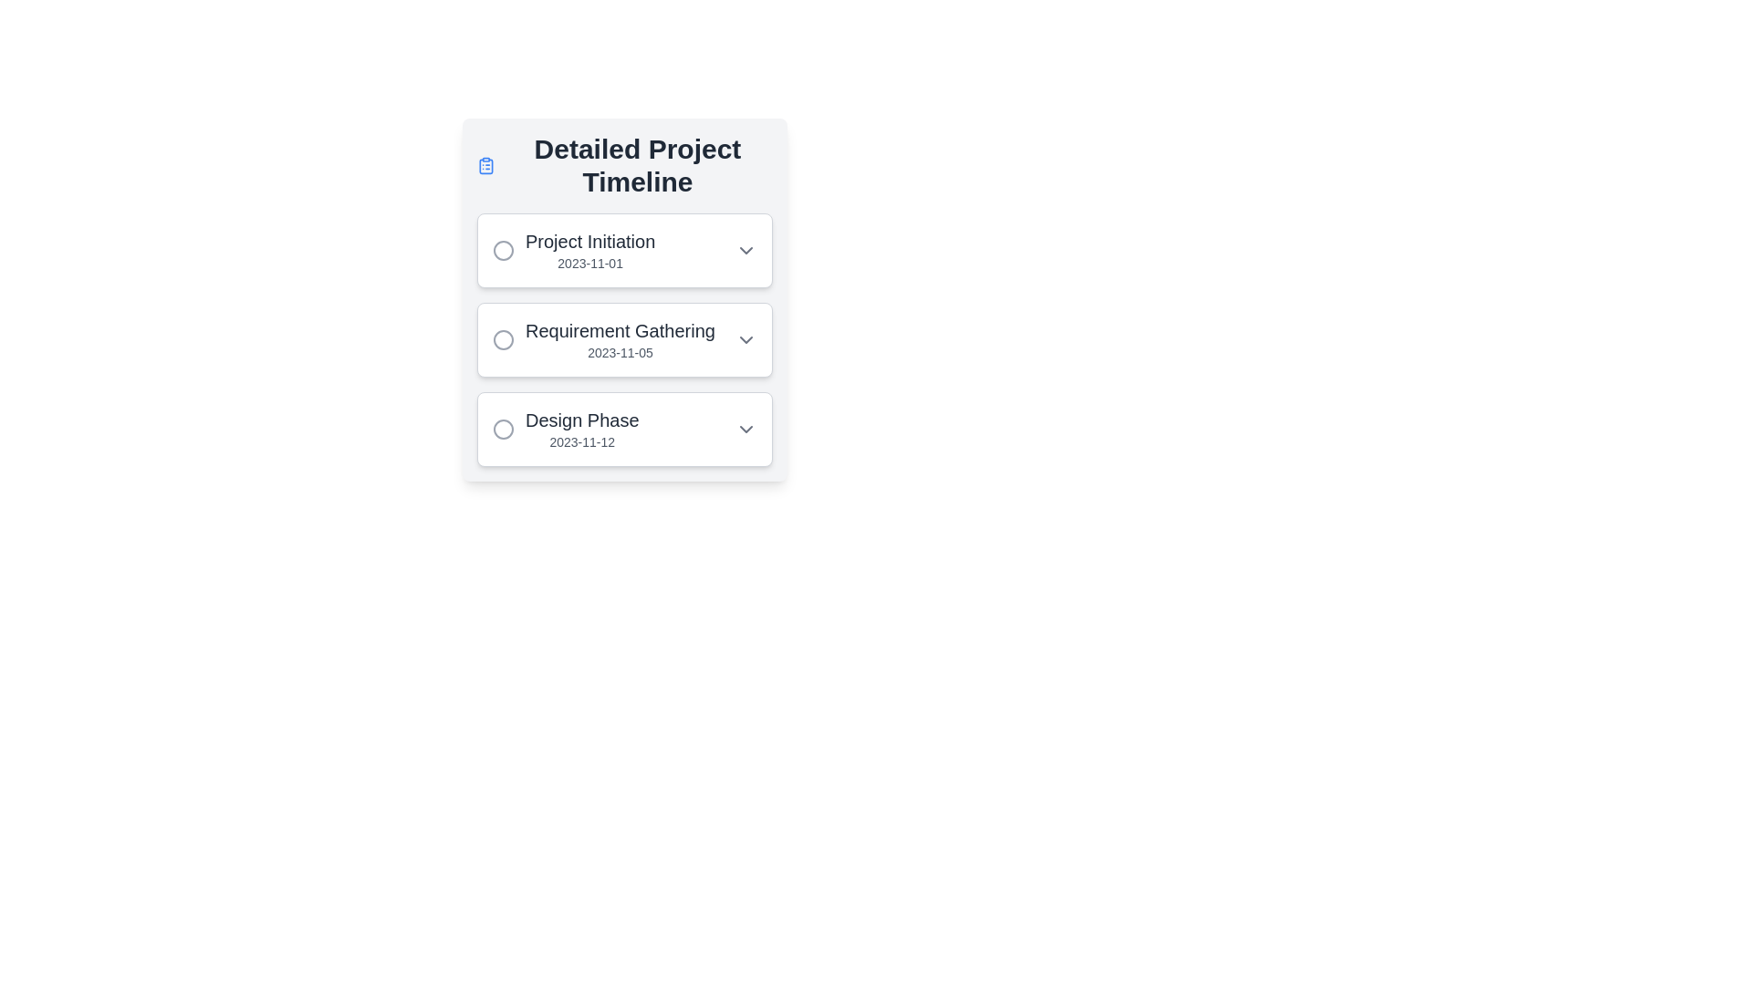  Describe the element at coordinates (625, 250) in the screenshot. I see `the first list item labeled 'Project Initiation' in the 'Detailed Project Timeline' section` at that location.